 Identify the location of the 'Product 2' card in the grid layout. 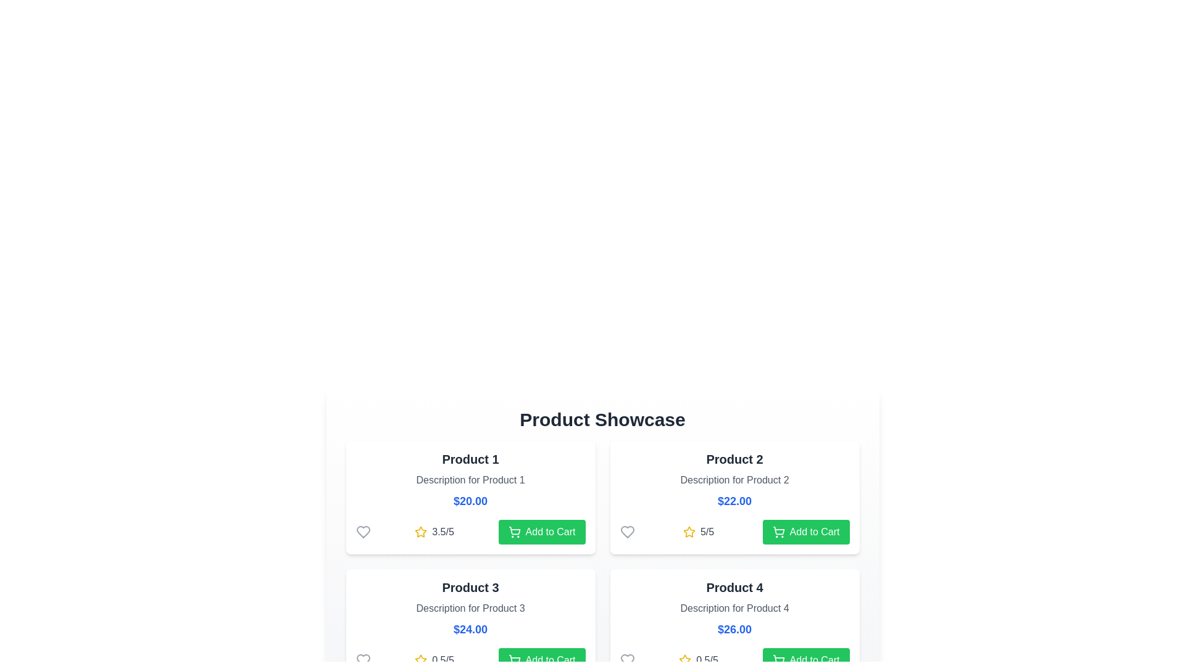
(734, 496).